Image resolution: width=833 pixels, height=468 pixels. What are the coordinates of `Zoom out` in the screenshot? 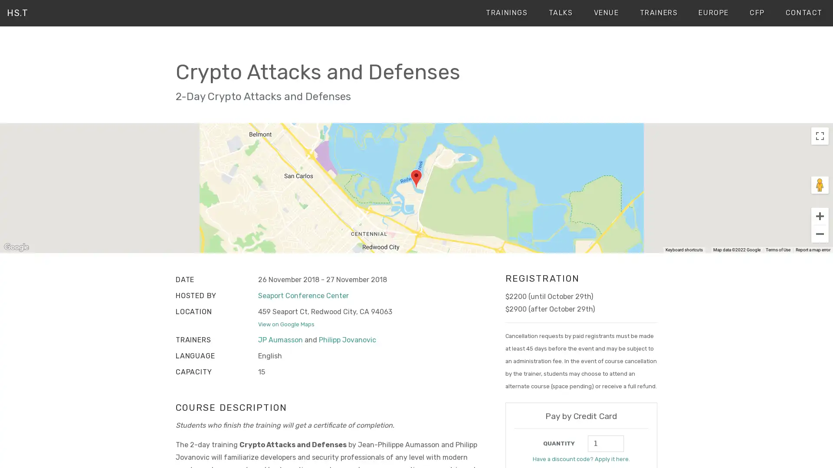 It's located at (820, 233).